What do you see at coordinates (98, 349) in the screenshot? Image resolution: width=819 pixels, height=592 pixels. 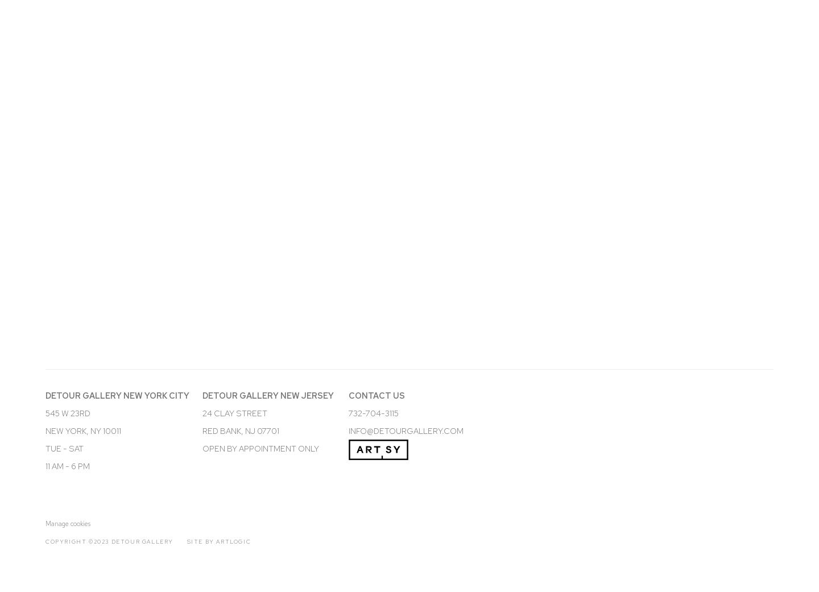 I see `'Samual Weinberg'` at bounding box center [98, 349].